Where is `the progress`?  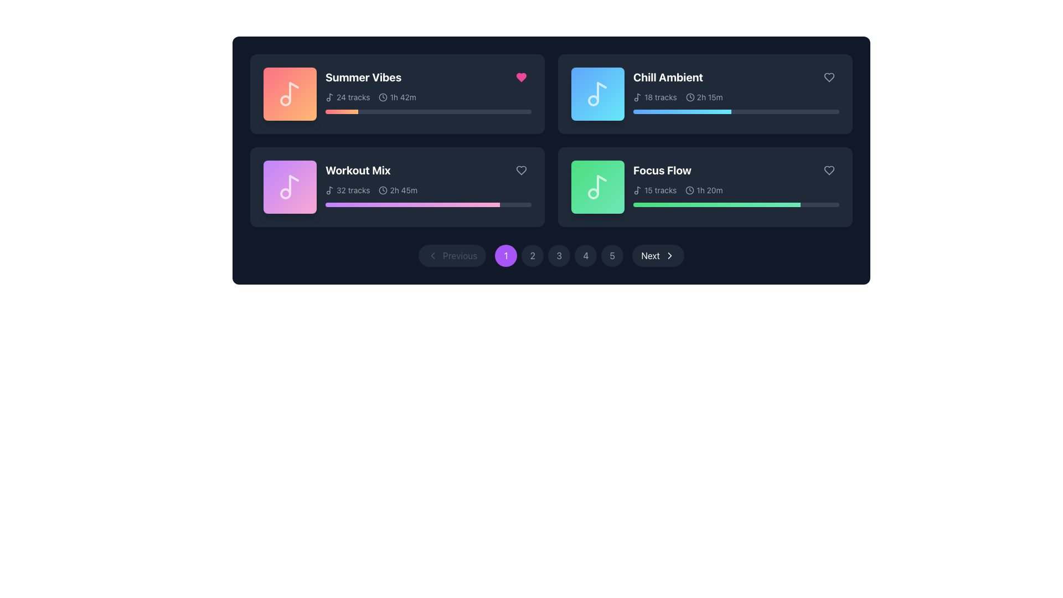
the progress is located at coordinates (370, 111).